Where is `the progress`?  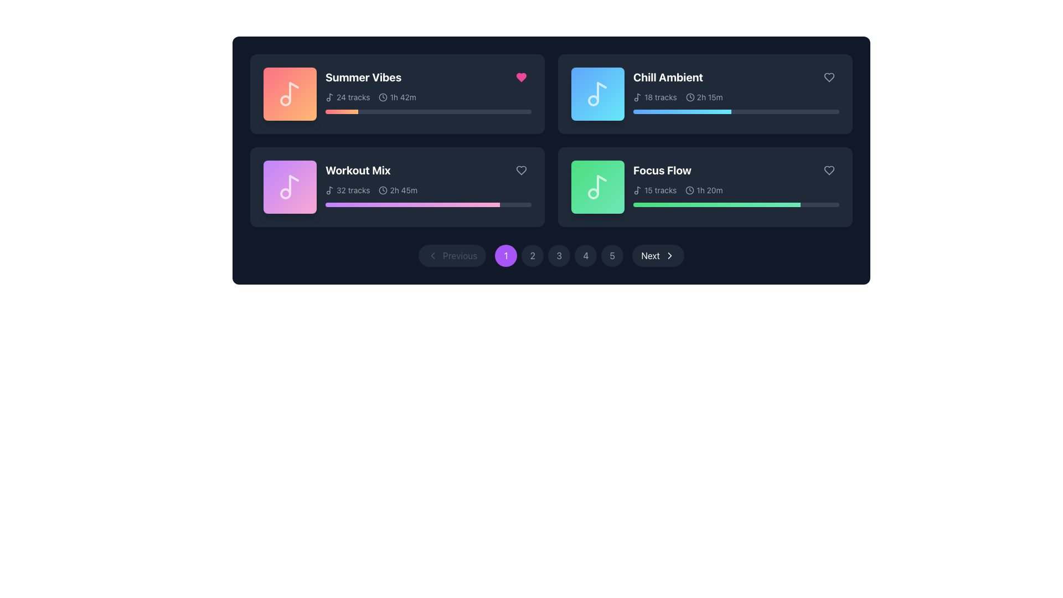
the progress is located at coordinates (370, 111).